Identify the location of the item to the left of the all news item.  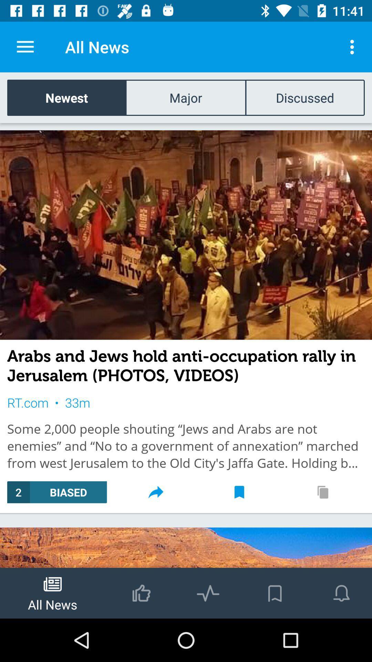
(25, 47).